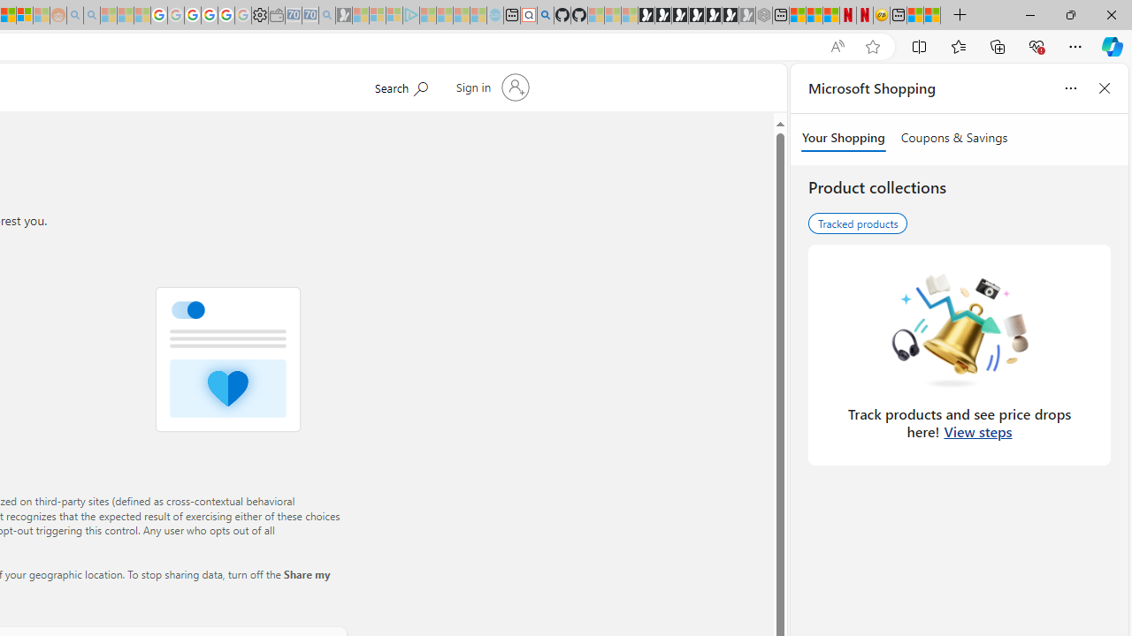 This screenshot has height=636, width=1132. Describe the element at coordinates (915, 15) in the screenshot. I see `'Wildlife - MSN'` at that location.